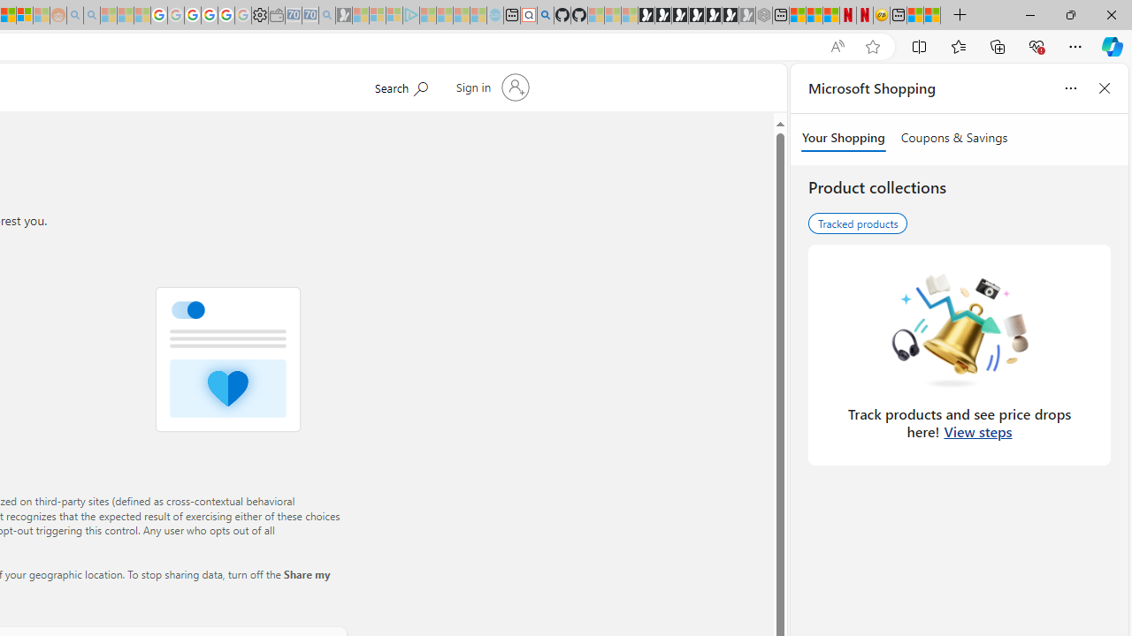 This screenshot has height=636, width=1132. Describe the element at coordinates (915, 15) in the screenshot. I see `'Wildlife - MSN'` at that location.